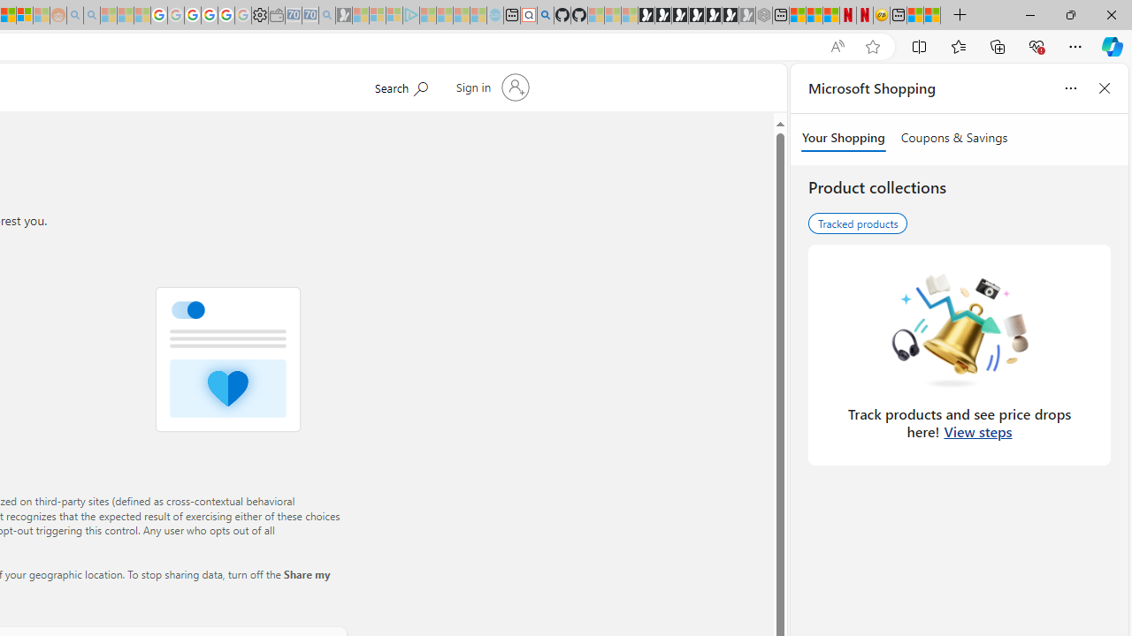 This screenshot has height=636, width=1132. Describe the element at coordinates (915, 15) in the screenshot. I see `'Wildlife - MSN'` at that location.